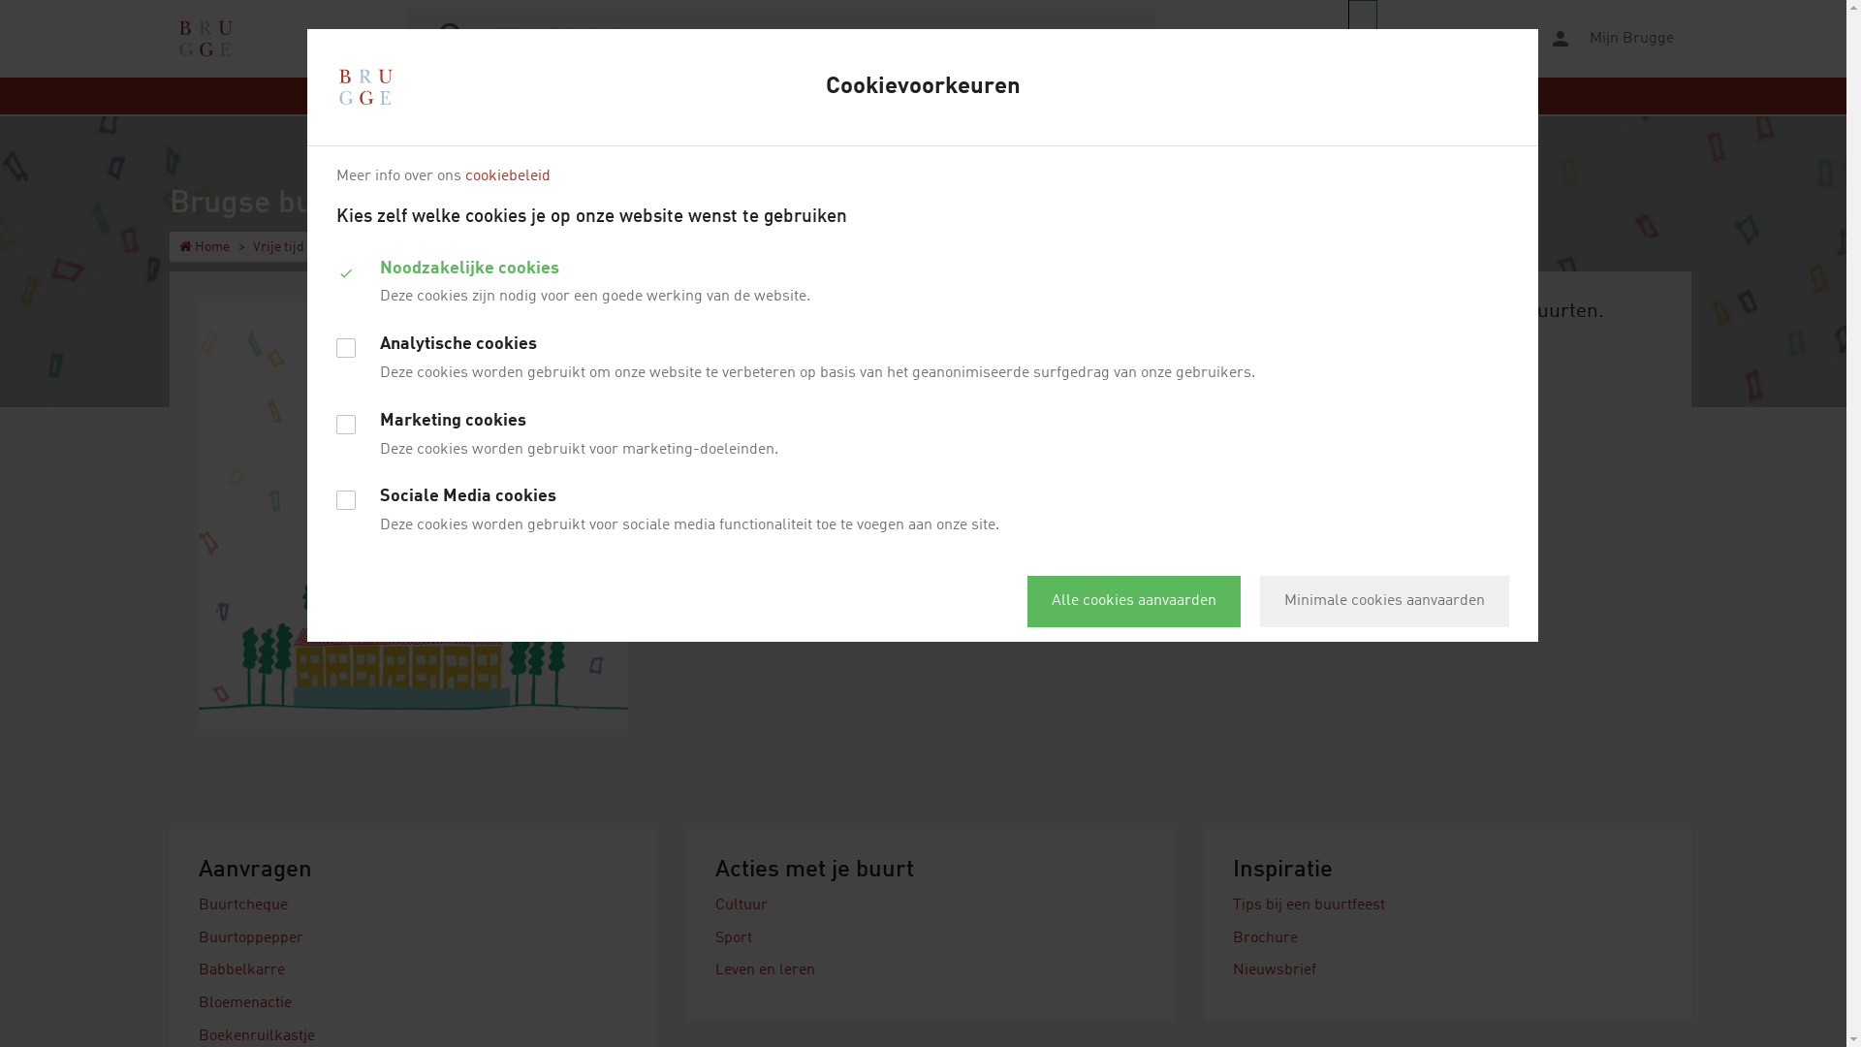  Describe the element at coordinates (1347, 38) in the screenshot. I see `'Lees voor'` at that location.